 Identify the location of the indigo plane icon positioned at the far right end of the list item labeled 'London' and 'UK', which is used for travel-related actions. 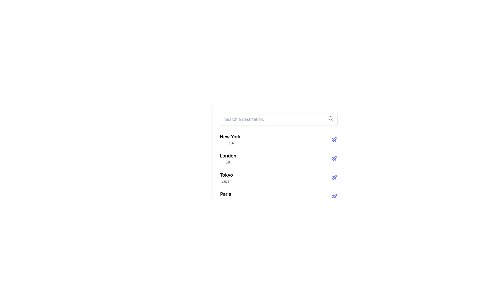
(334, 158).